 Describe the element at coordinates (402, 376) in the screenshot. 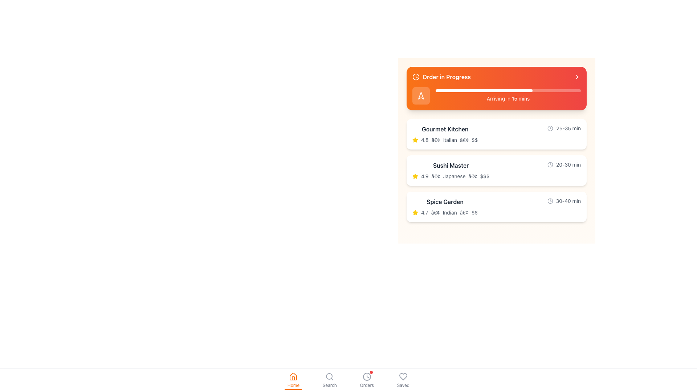

I see `the heart-shaped icon in the bottom navigation bar` at that location.